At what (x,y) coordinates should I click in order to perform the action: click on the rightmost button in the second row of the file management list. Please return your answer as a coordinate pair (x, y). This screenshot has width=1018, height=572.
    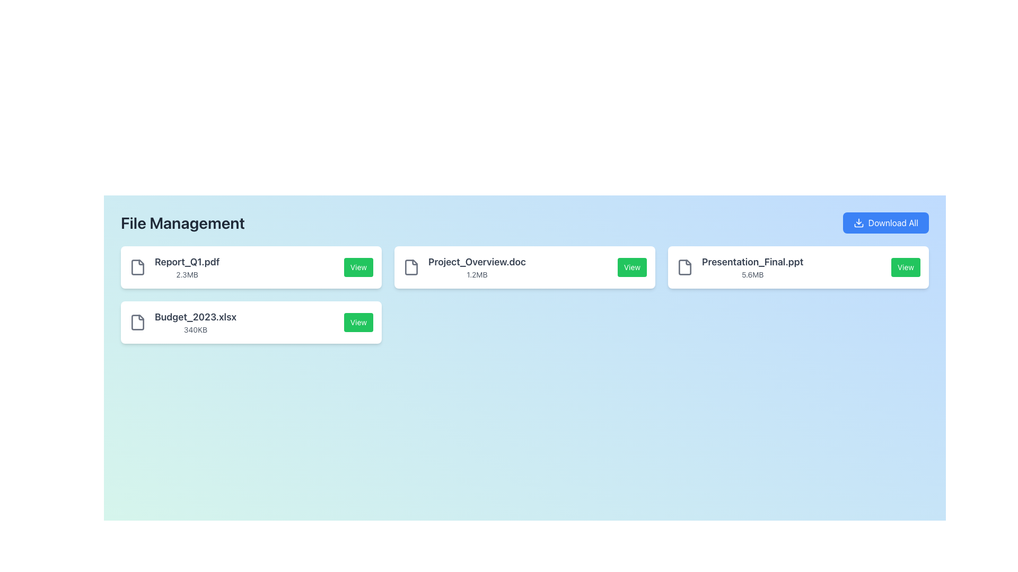
    Looking at the image, I should click on (358, 322).